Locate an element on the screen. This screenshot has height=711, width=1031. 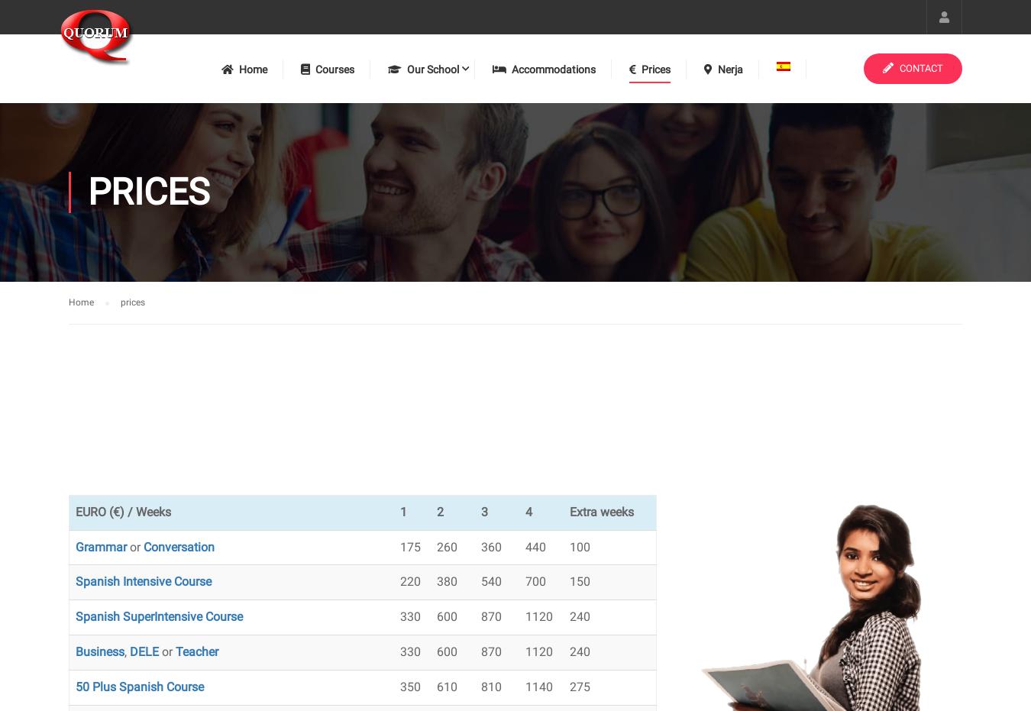
'3' is located at coordinates (483, 510).